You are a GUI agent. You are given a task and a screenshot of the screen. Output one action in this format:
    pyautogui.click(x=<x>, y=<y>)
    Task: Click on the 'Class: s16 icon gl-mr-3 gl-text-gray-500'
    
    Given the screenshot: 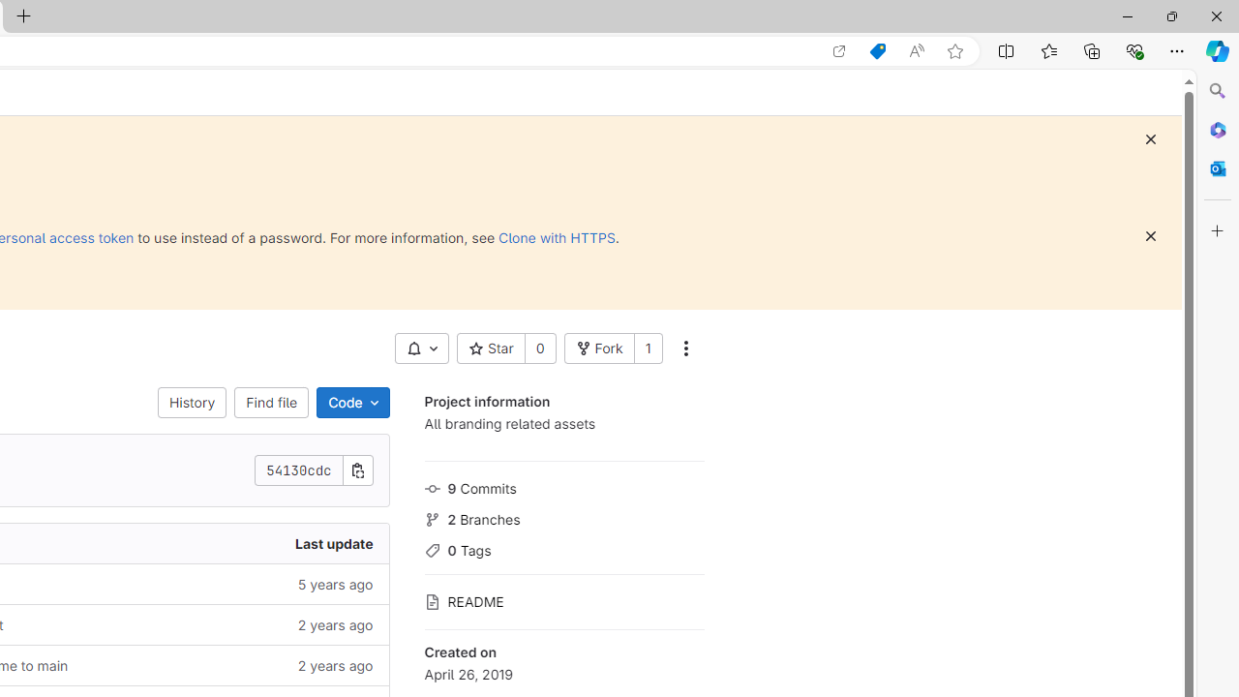 What is the action you would take?
    pyautogui.click(x=431, y=601)
    